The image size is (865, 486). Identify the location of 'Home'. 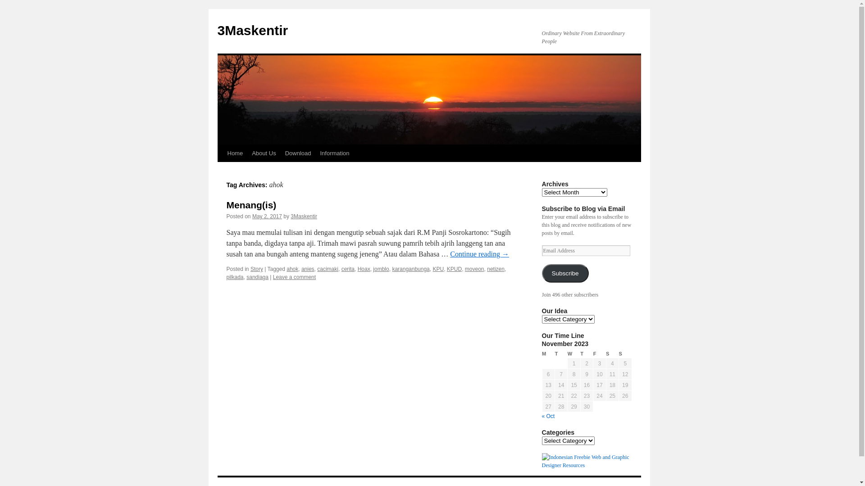
(223, 153).